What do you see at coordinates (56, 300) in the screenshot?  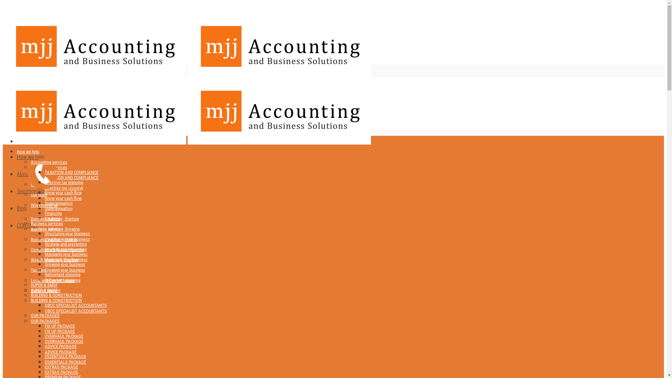 I see `'BUILDING & CONSTRUCTION'` at bounding box center [56, 300].